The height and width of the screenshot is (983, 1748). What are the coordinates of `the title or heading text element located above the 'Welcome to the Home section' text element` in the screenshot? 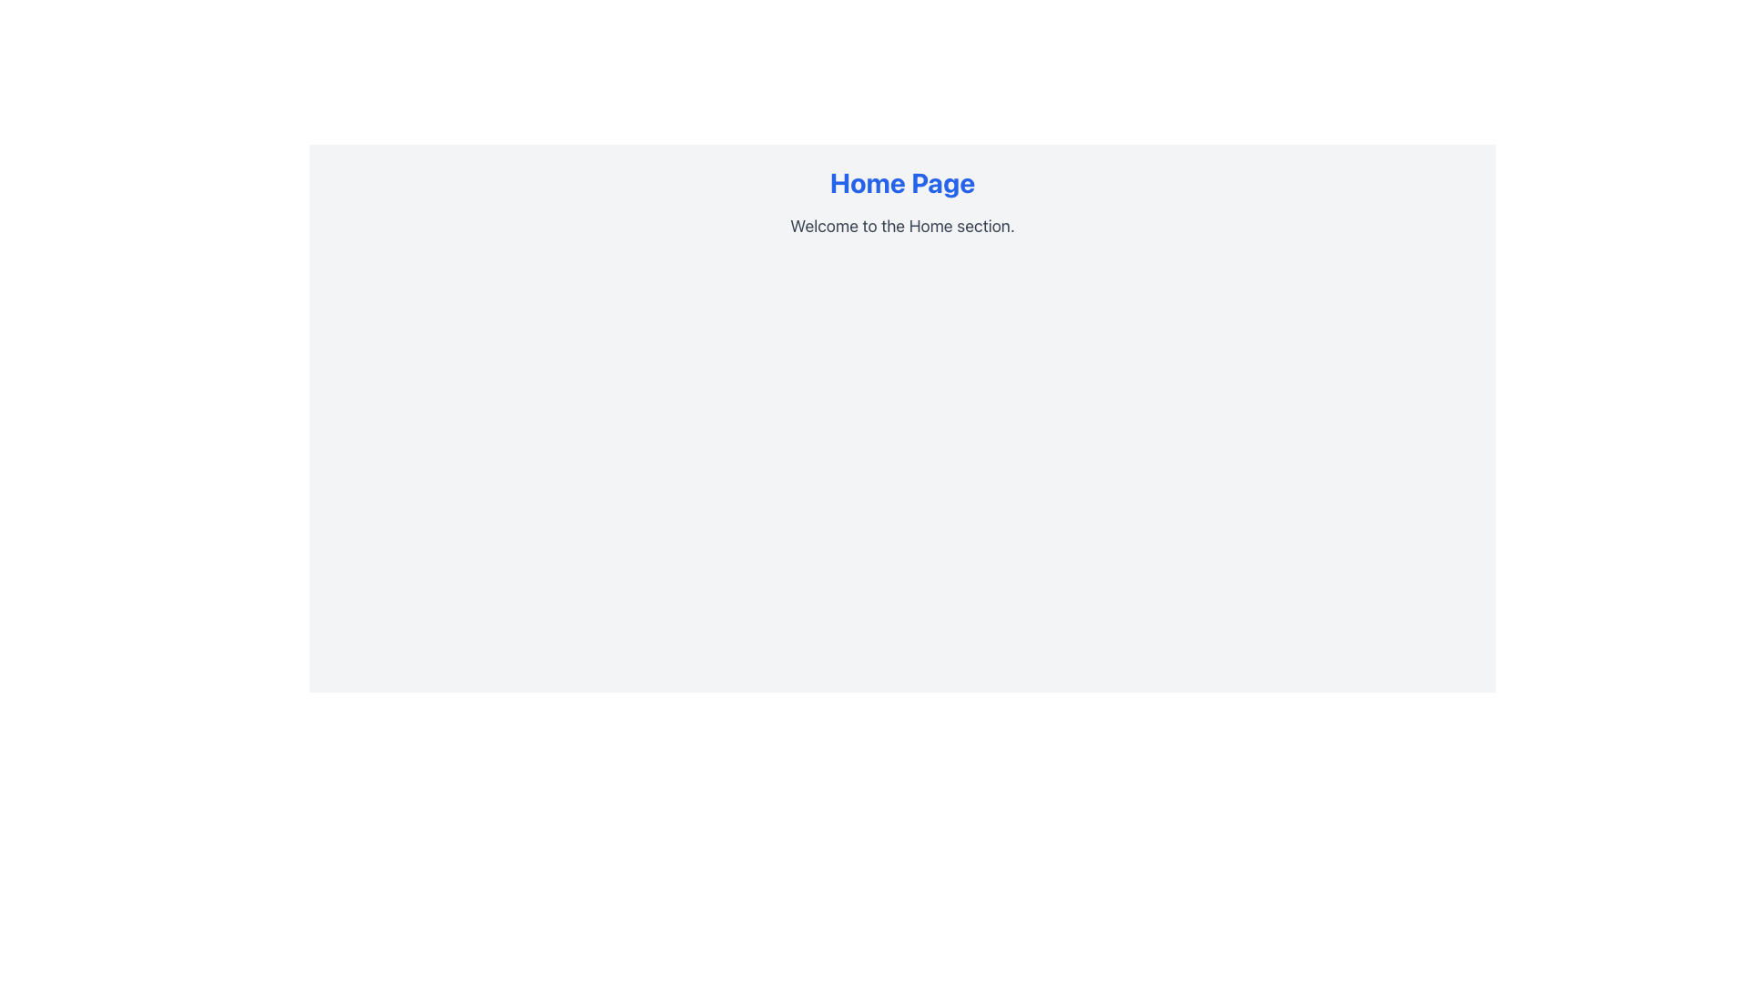 It's located at (902, 182).